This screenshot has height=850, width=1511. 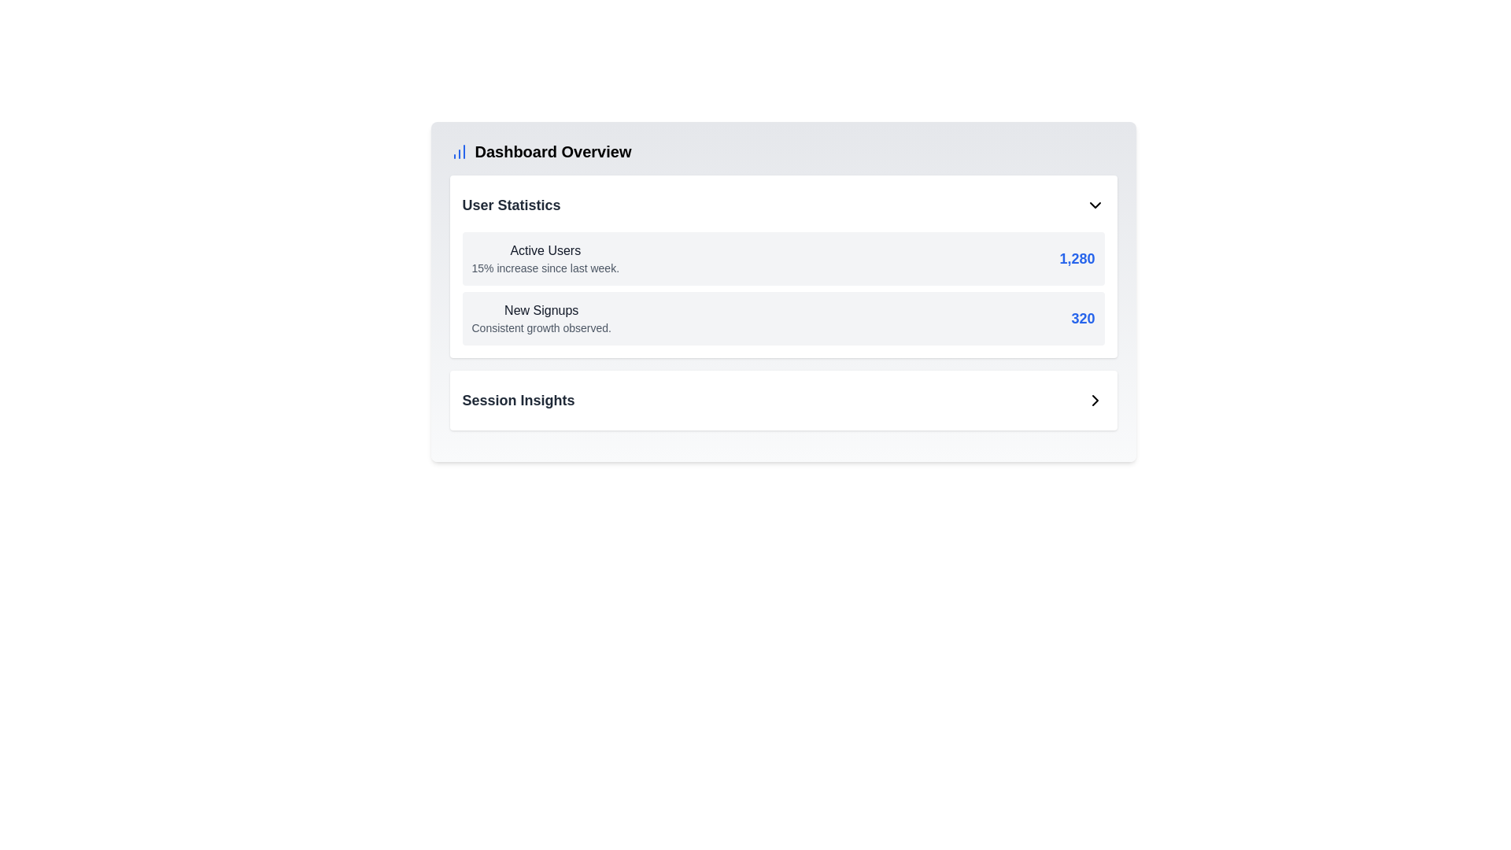 I want to click on the 'Session Insights' text label which serves as a heading for the User Statistics section in the main content area, so click(x=518, y=400).